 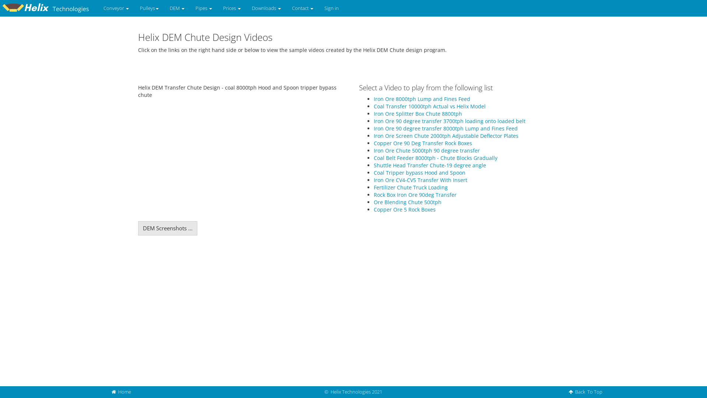 What do you see at coordinates (418, 114) in the screenshot?
I see `'Iron Ore Splitter Box Chute 8800tph'` at bounding box center [418, 114].